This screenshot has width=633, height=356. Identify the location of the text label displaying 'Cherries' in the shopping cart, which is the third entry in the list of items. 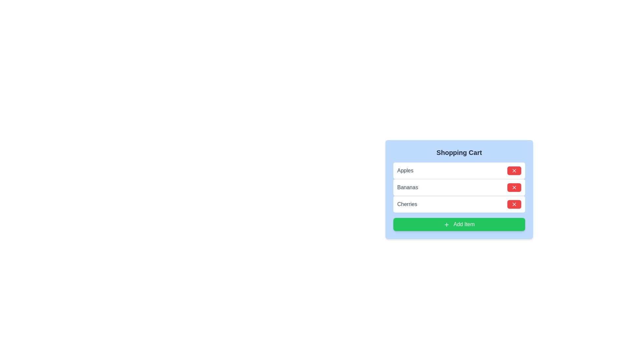
(407, 204).